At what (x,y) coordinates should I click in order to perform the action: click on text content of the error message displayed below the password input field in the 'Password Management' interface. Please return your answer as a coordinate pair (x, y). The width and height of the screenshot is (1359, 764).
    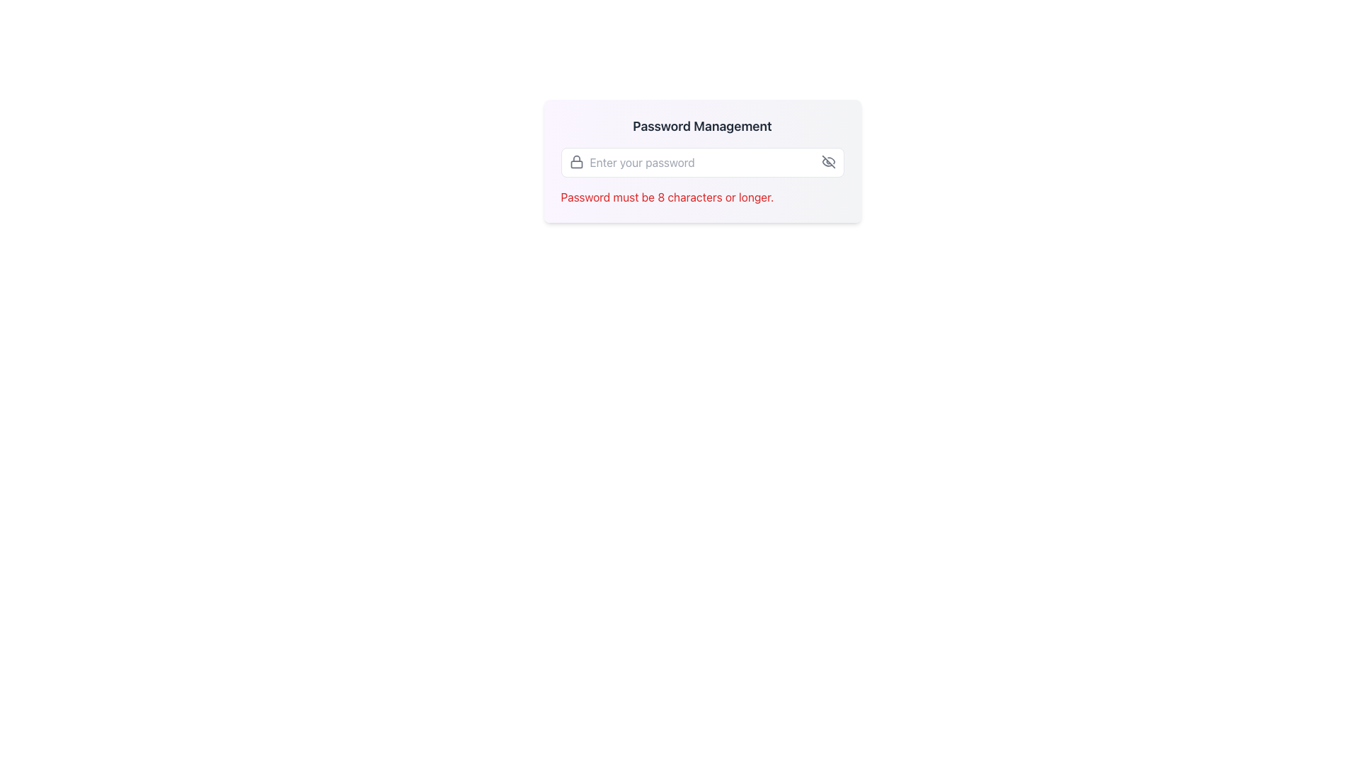
    Looking at the image, I should click on (702, 197).